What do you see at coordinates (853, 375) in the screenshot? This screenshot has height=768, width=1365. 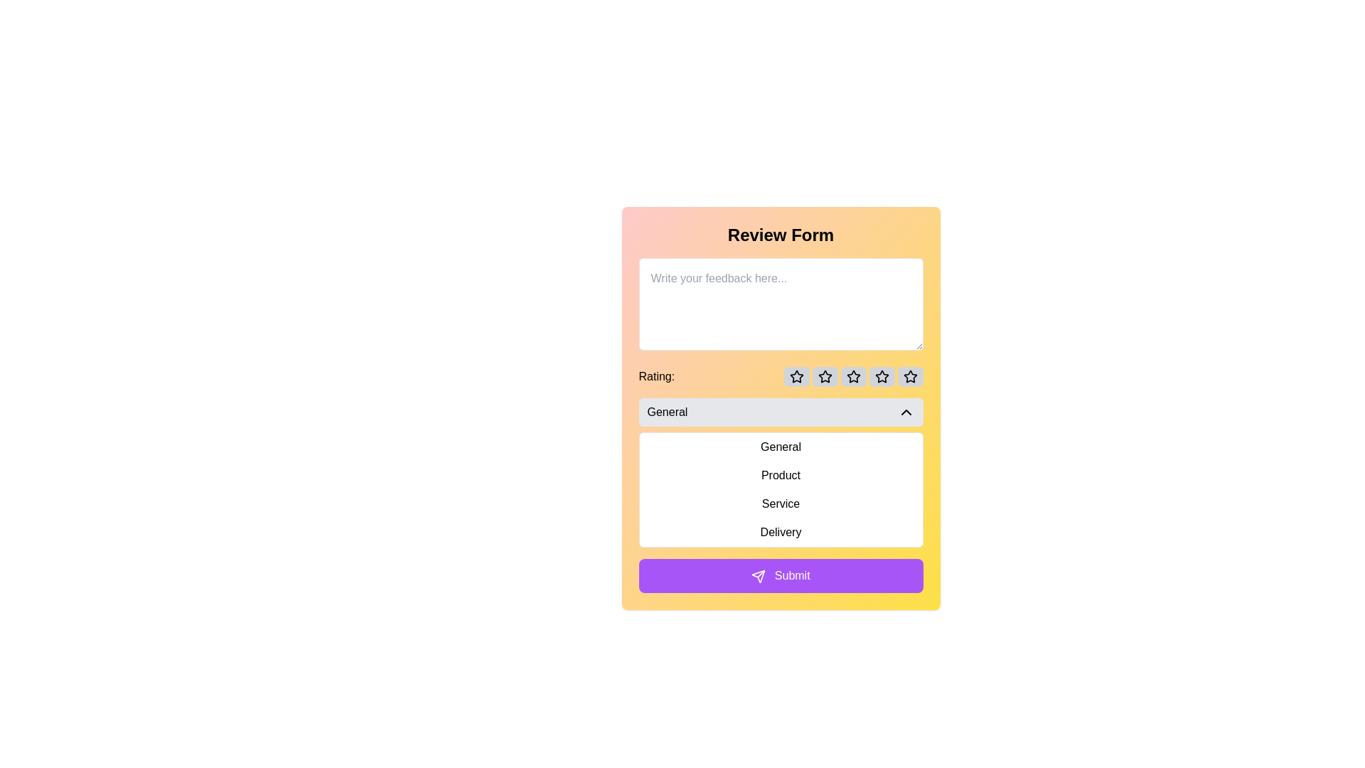 I see `the third star-shaped rating icon` at bounding box center [853, 375].